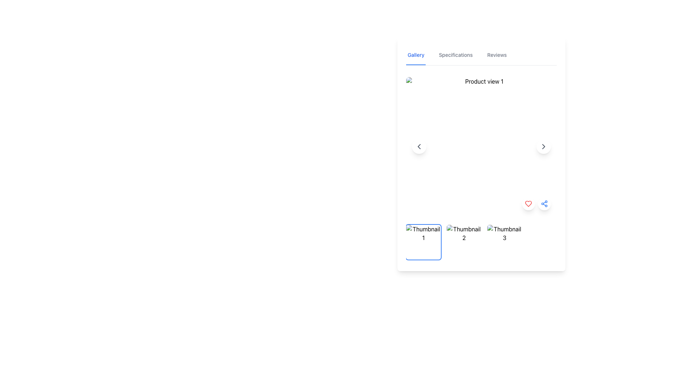 This screenshot has width=695, height=391. What do you see at coordinates (424, 242) in the screenshot?
I see `the selected thumbnail image labeled 'Thumbnail 1'` at bounding box center [424, 242].